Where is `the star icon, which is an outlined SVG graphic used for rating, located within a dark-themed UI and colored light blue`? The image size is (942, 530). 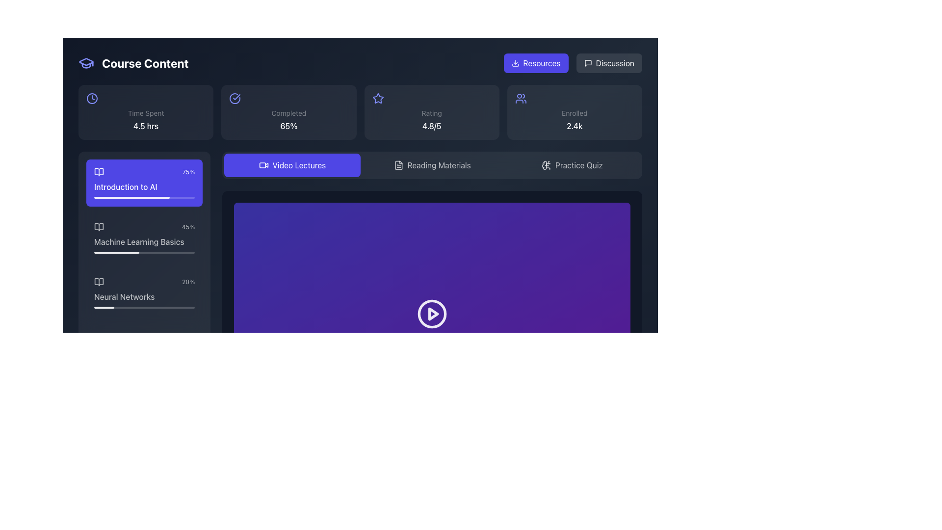
the star icon, which is an outlined SVG graphic used for rating, located within a dark-themed UI and colored light blue is located at coordinates (377, 98).